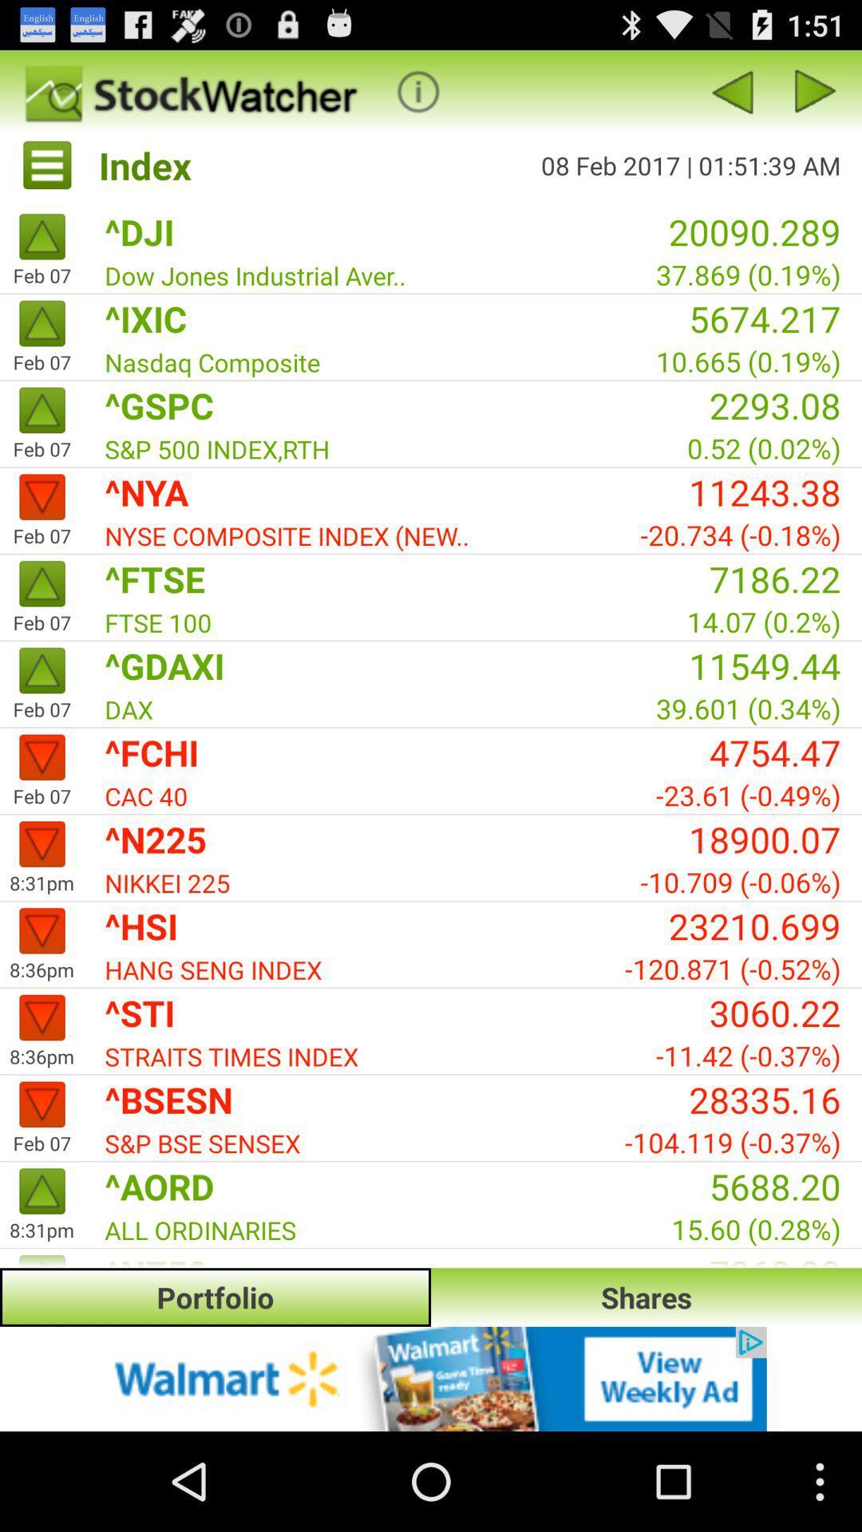 Image resolution: width=862 pixels, height=1532 pixels. Describe the element at coordinates (417, 91) in the screenshot. I see `icon button` at that location.